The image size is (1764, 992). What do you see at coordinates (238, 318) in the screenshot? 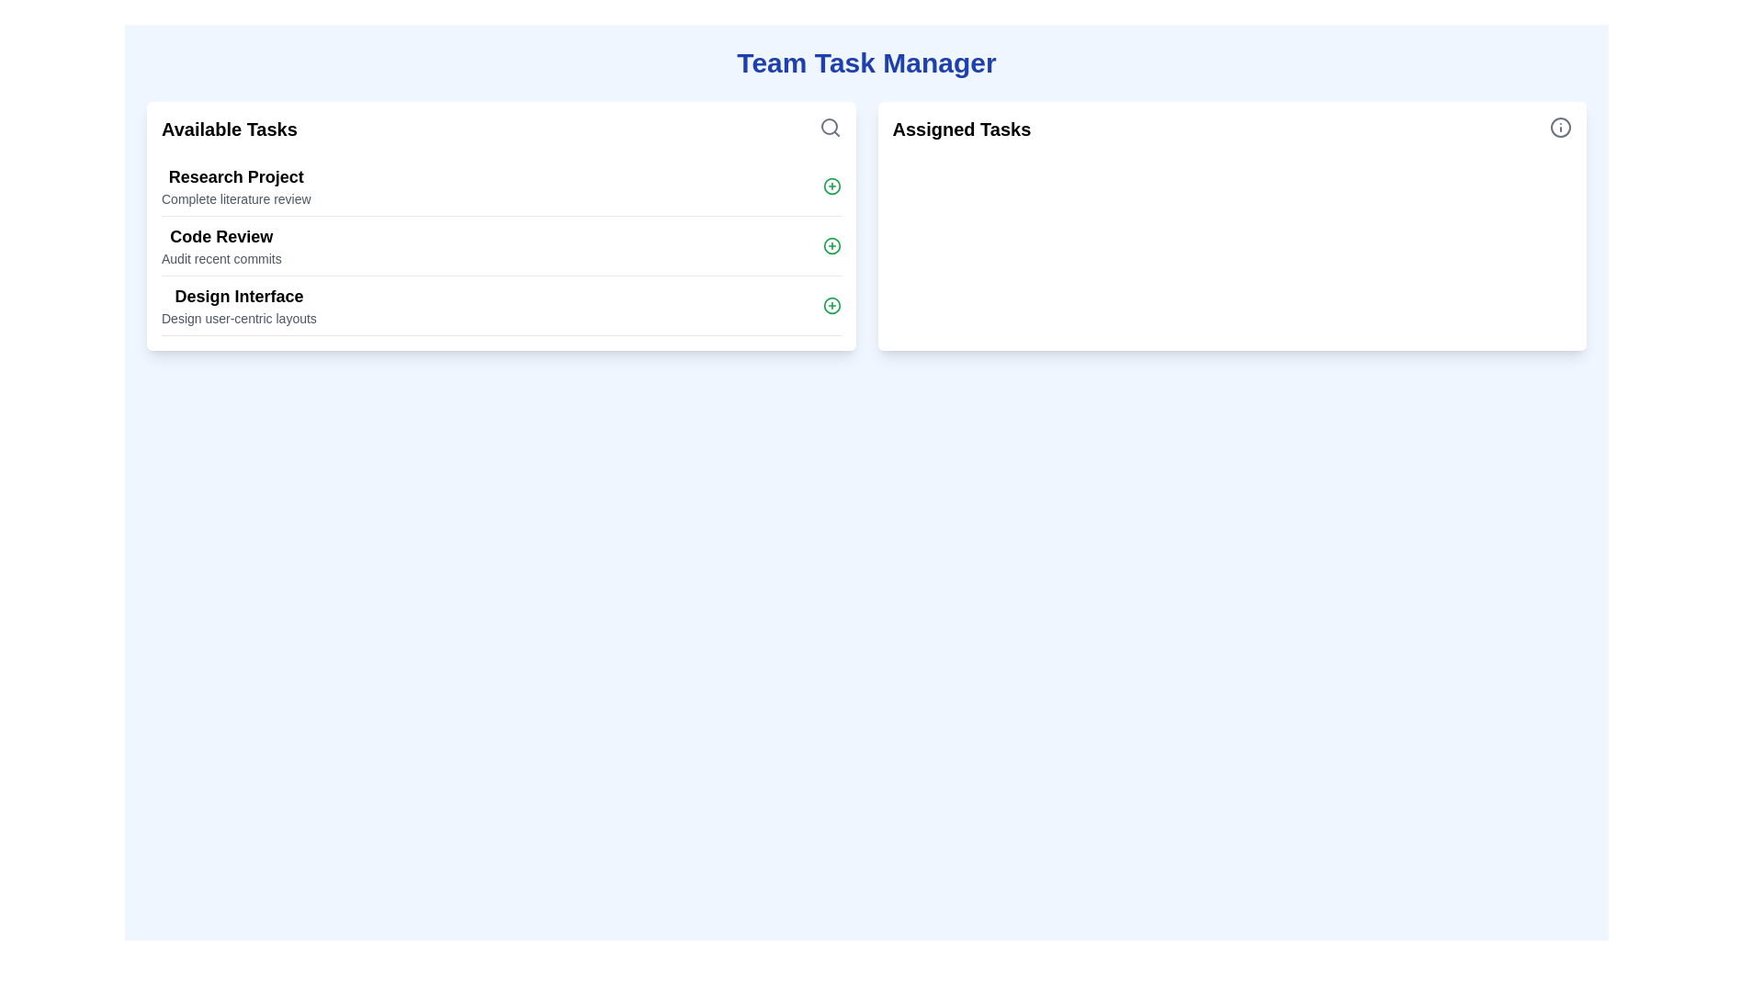
I see `static text displaying 'Design user-centric layouts' located under the heading 'Design Interface' in the 'Available Tasks' panel` at bounding box center [238, 318].